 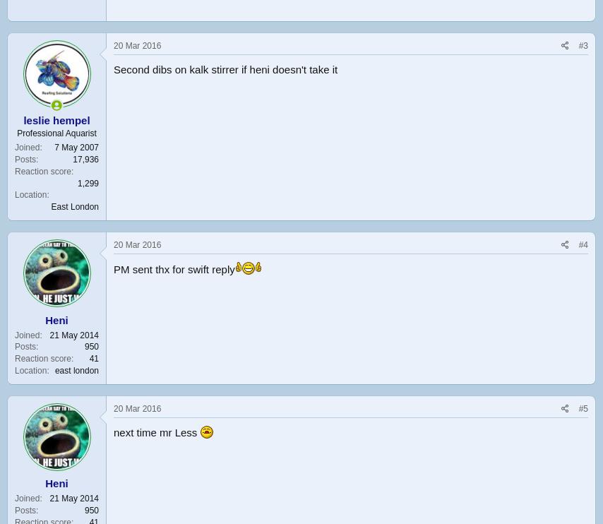 What do you see at coordinates (85, 159) in the screenshot?
I see `'17,936'` at bounding box center [85, 159].